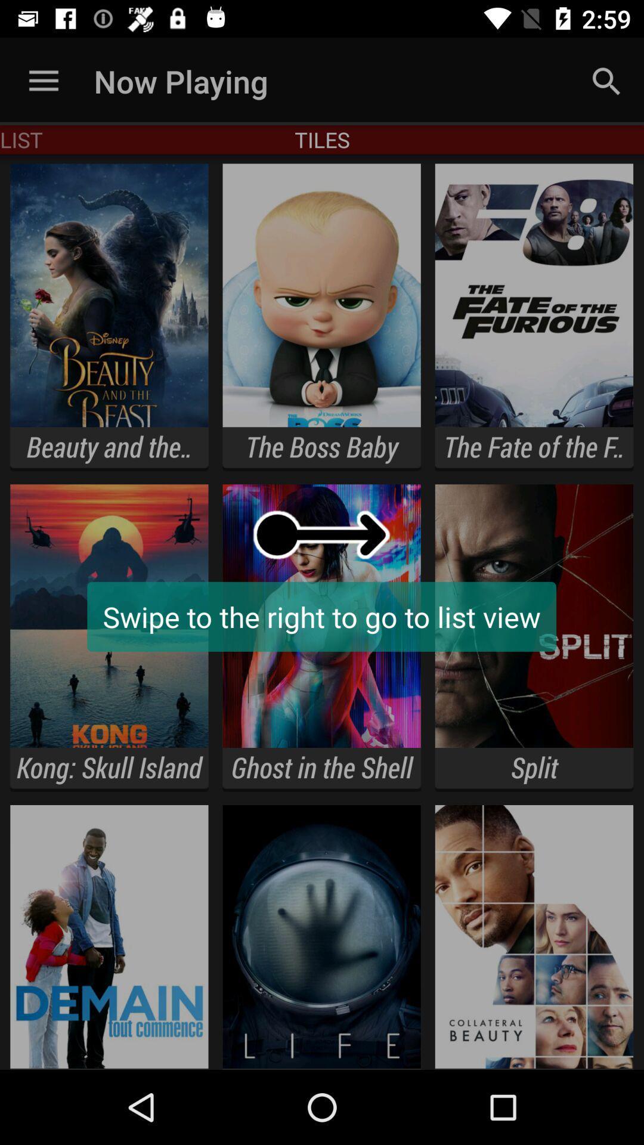 The height and width of the screenshot is (1145, 644). What do you see at coordinates (43, 81) in the screenshot?
I see `the icon above list item` at bounding box center [43, 81].